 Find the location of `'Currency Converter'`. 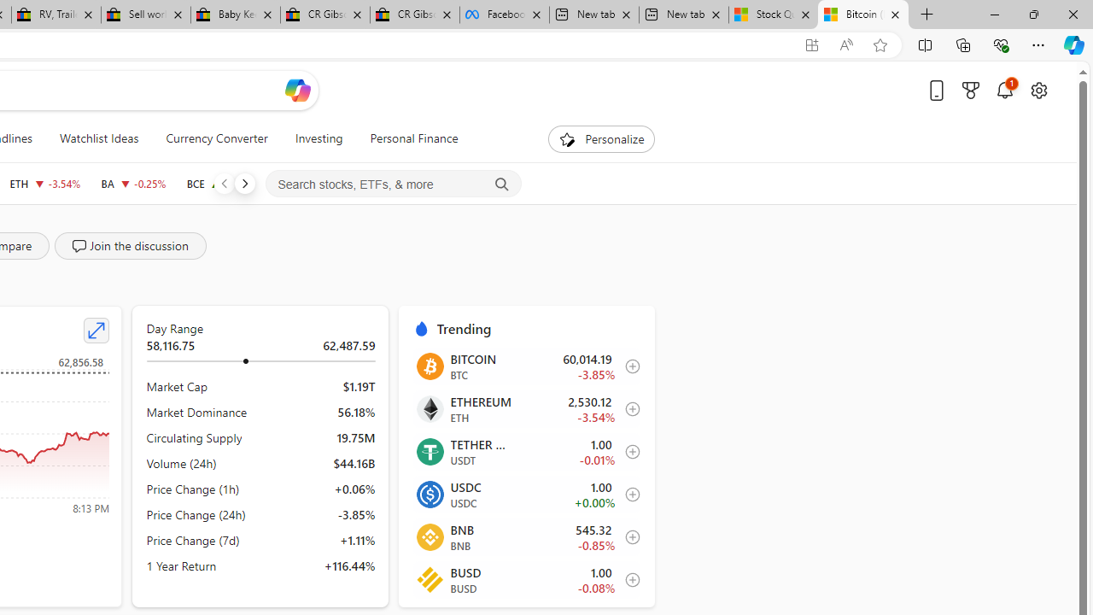

'Currency Converter' is located at coordinates (216, 138).